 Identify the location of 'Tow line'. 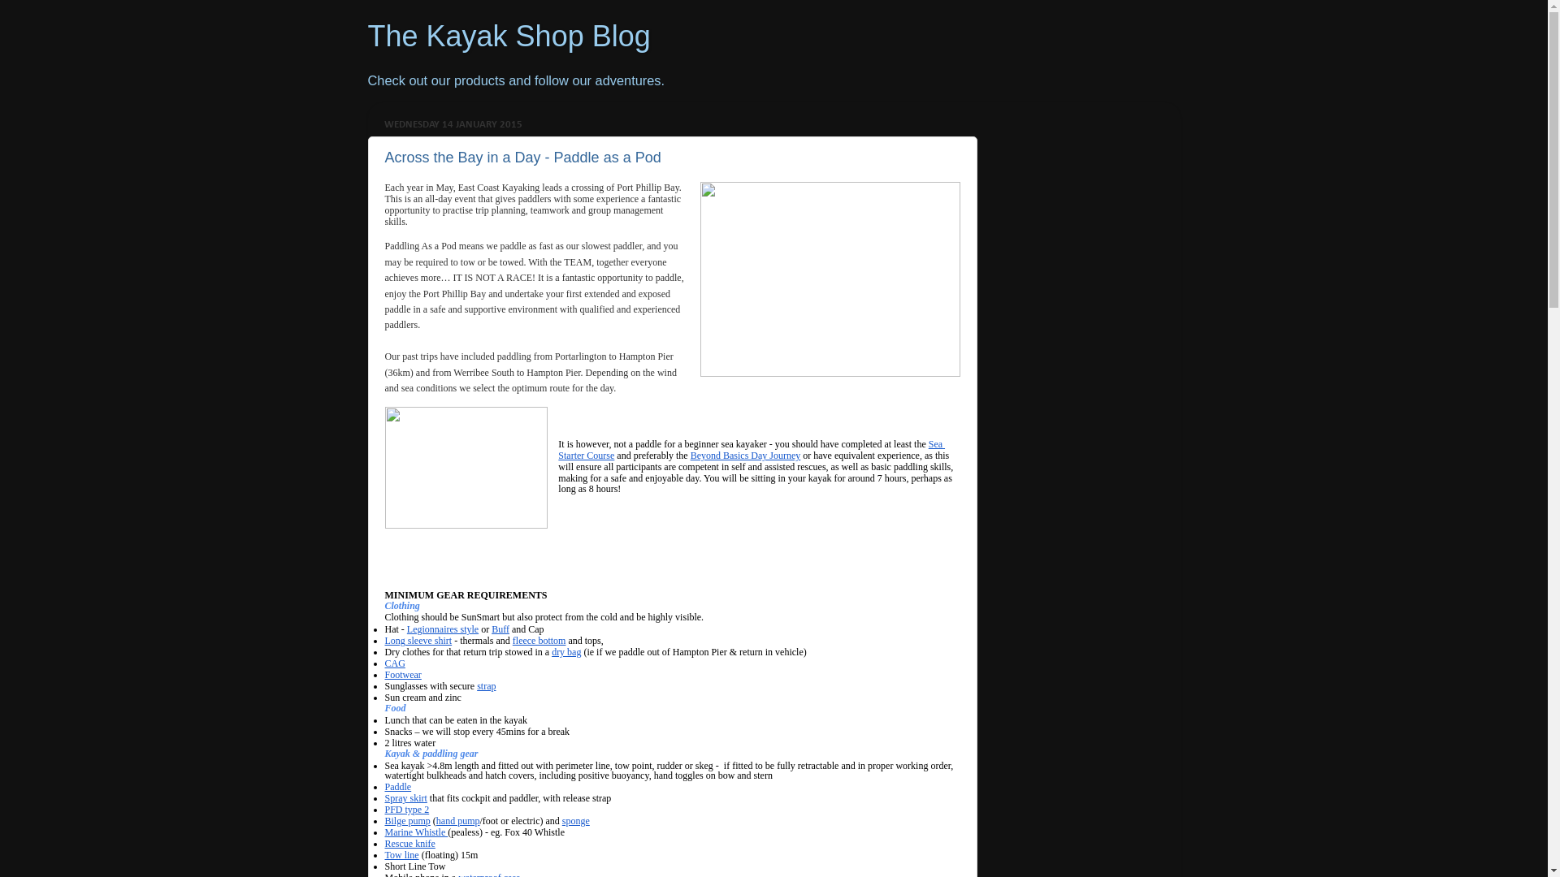
(401, 854).